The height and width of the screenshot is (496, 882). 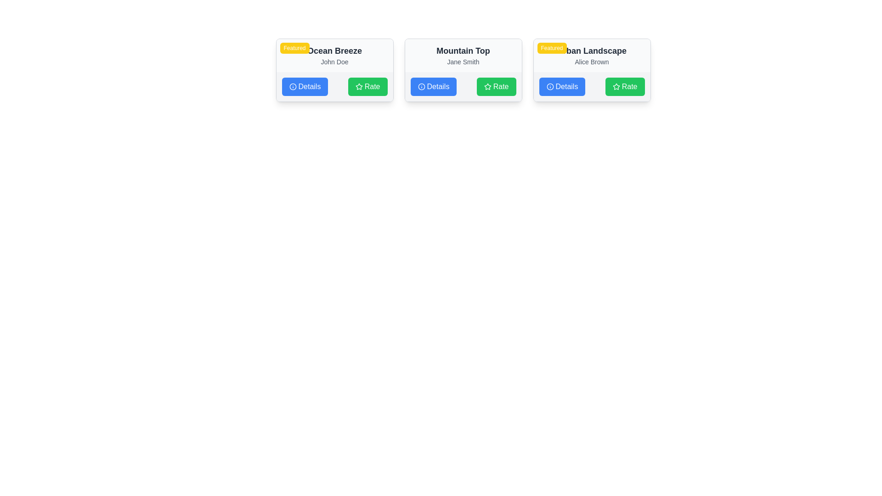 I want to click on the text label displaying 'Jane Smith', which is styled in light gray and positioned under the title 'Mountain Top' in the middle card of a three-card layout, so click(x=463, y=62).